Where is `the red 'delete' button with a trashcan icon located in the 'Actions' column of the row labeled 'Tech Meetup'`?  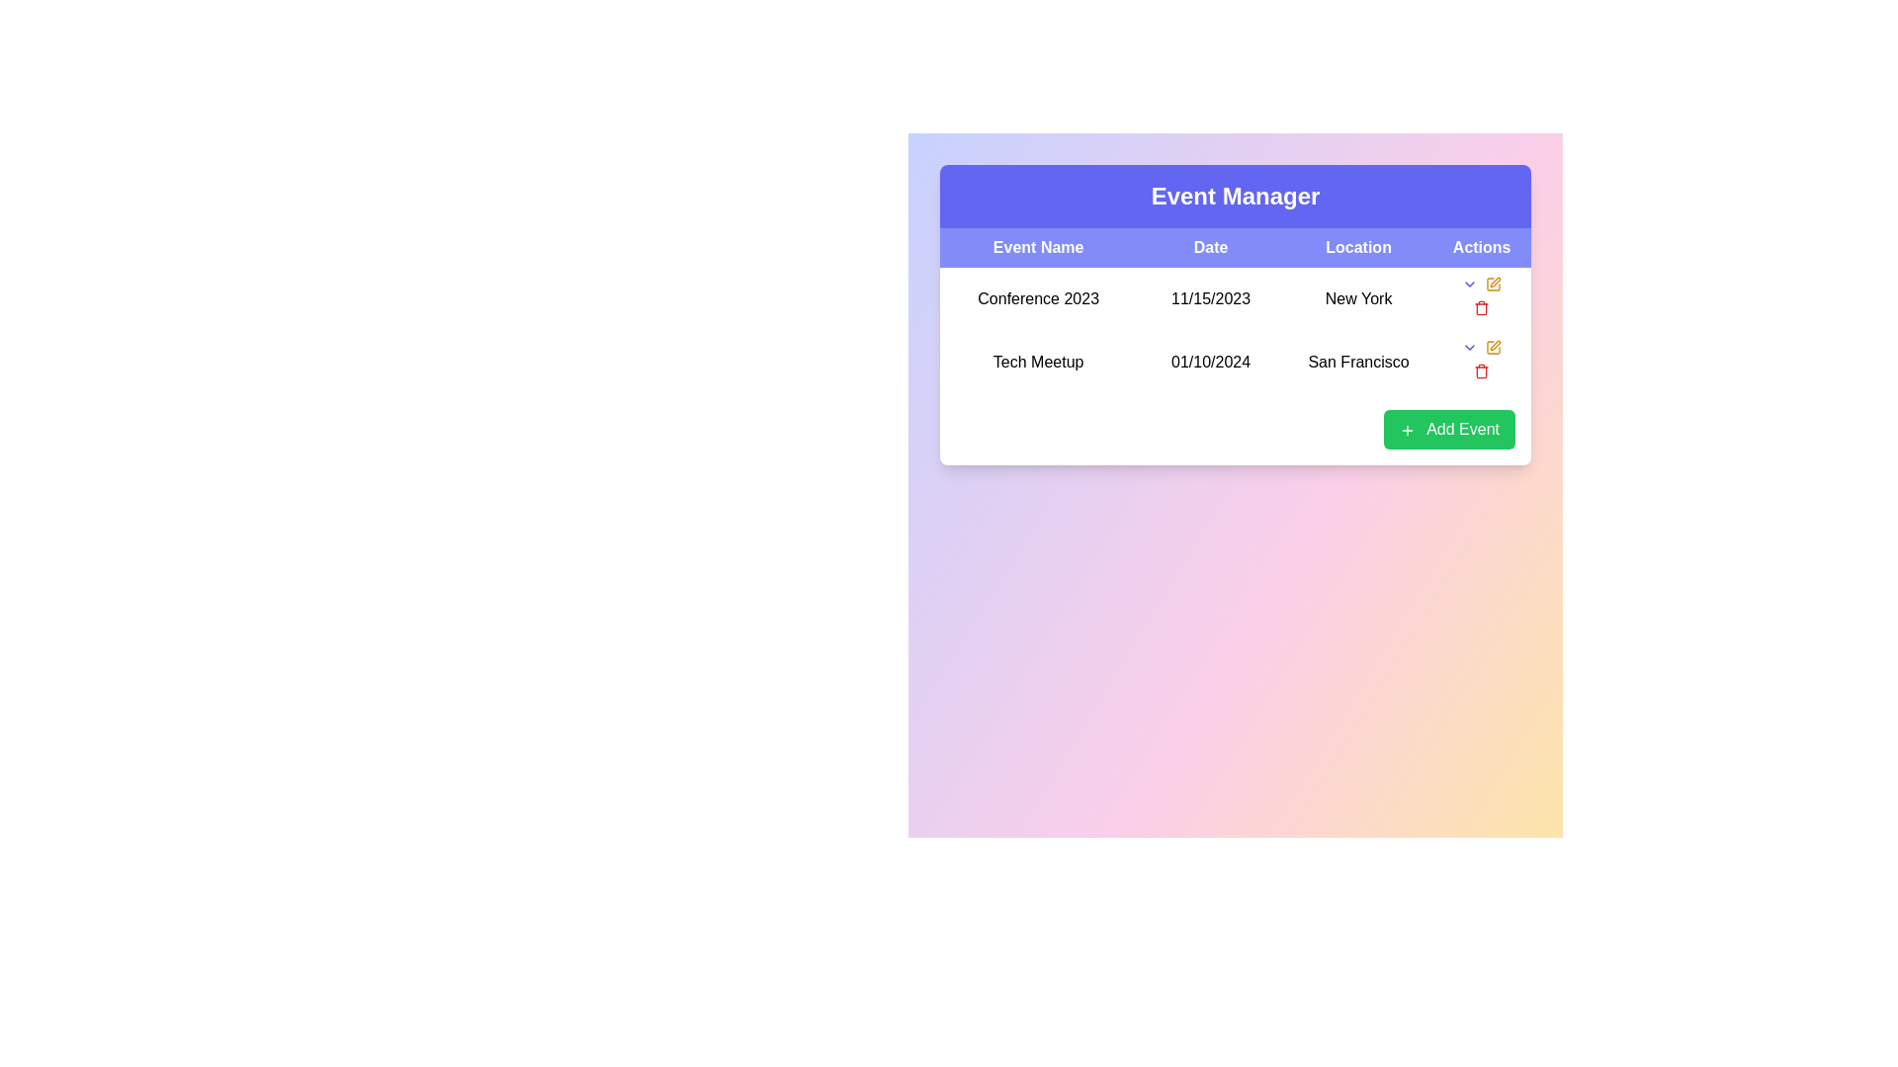 the red 'delete' button with a trashcan icon located in the 'Actions' column of the row labeled 'Tech Meetup' is located at coordinates (1481, 362).